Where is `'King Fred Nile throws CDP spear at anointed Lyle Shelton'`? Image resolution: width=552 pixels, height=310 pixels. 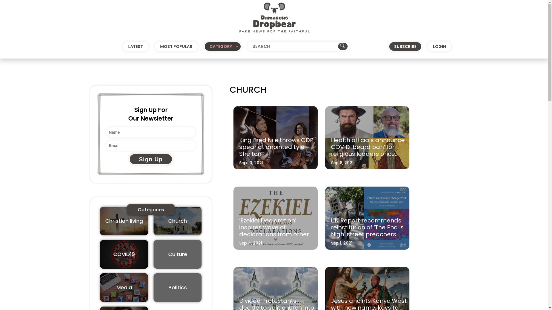
'King Fred Nile throws CDP spear at anointed Lyle Shelton' is located at coordinates (276, 147).